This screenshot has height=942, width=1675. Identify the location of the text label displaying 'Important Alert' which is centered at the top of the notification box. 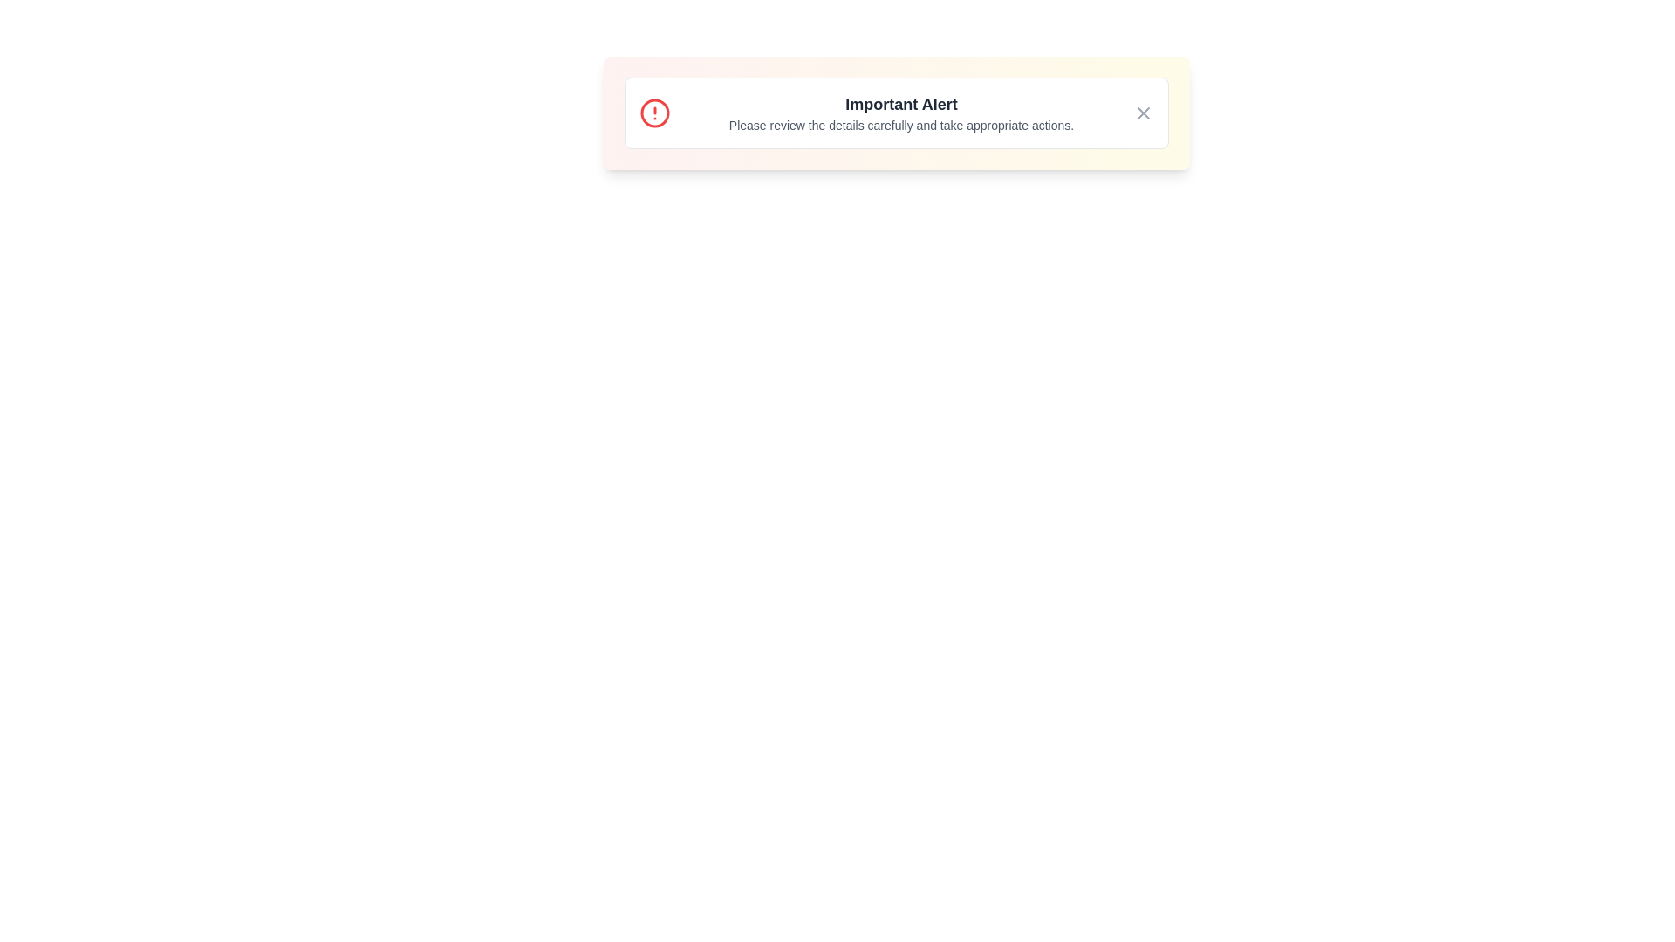
(901, 104).